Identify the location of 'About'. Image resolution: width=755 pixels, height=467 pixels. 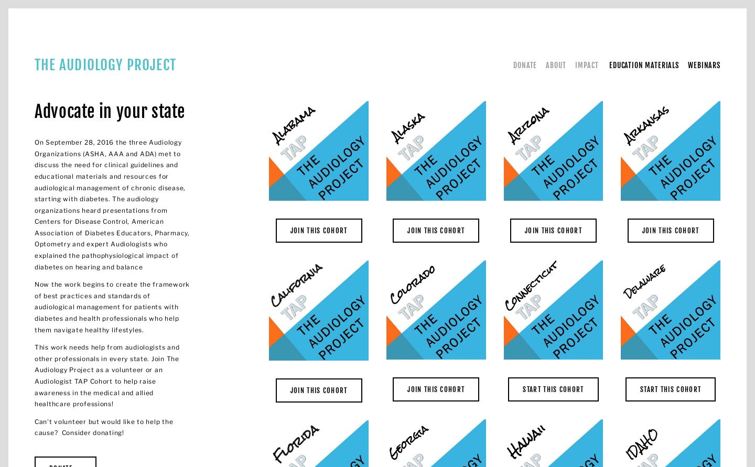
(555, 64).